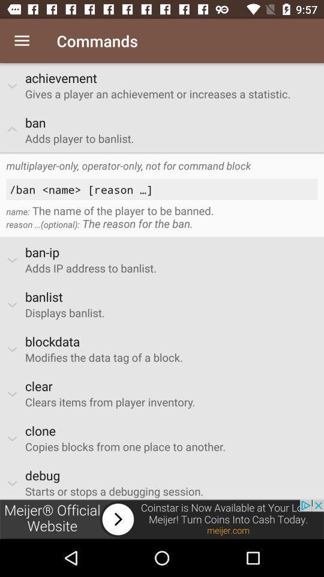  What do you see at coordinates (162, 519) in the screenshot?
I see `advertisement to open meijer official website` at bounding box center [162, 519].